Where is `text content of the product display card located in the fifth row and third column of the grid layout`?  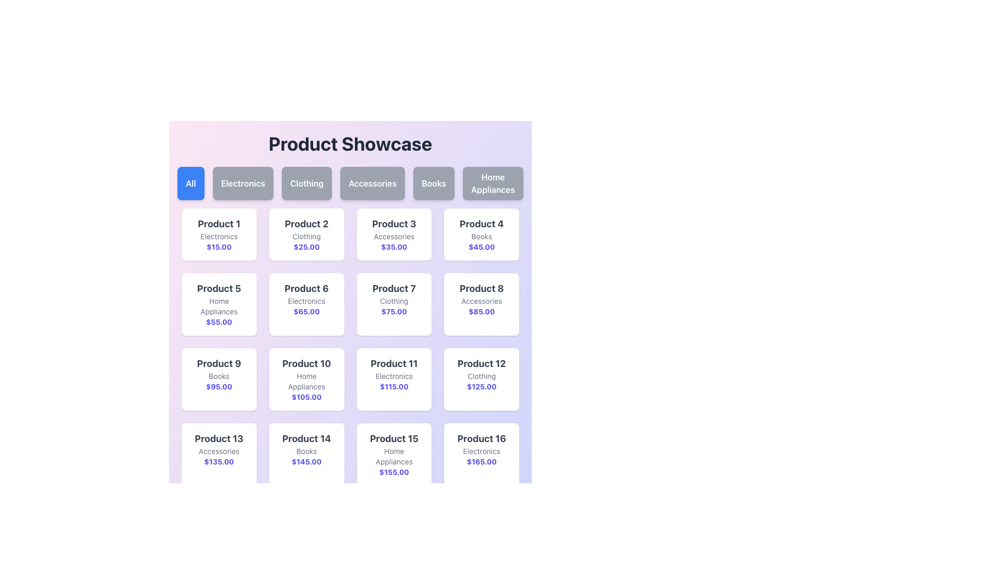 text content of the product display card located in the fifth row and third column of the grid layout is located at coordinates (393, 454).